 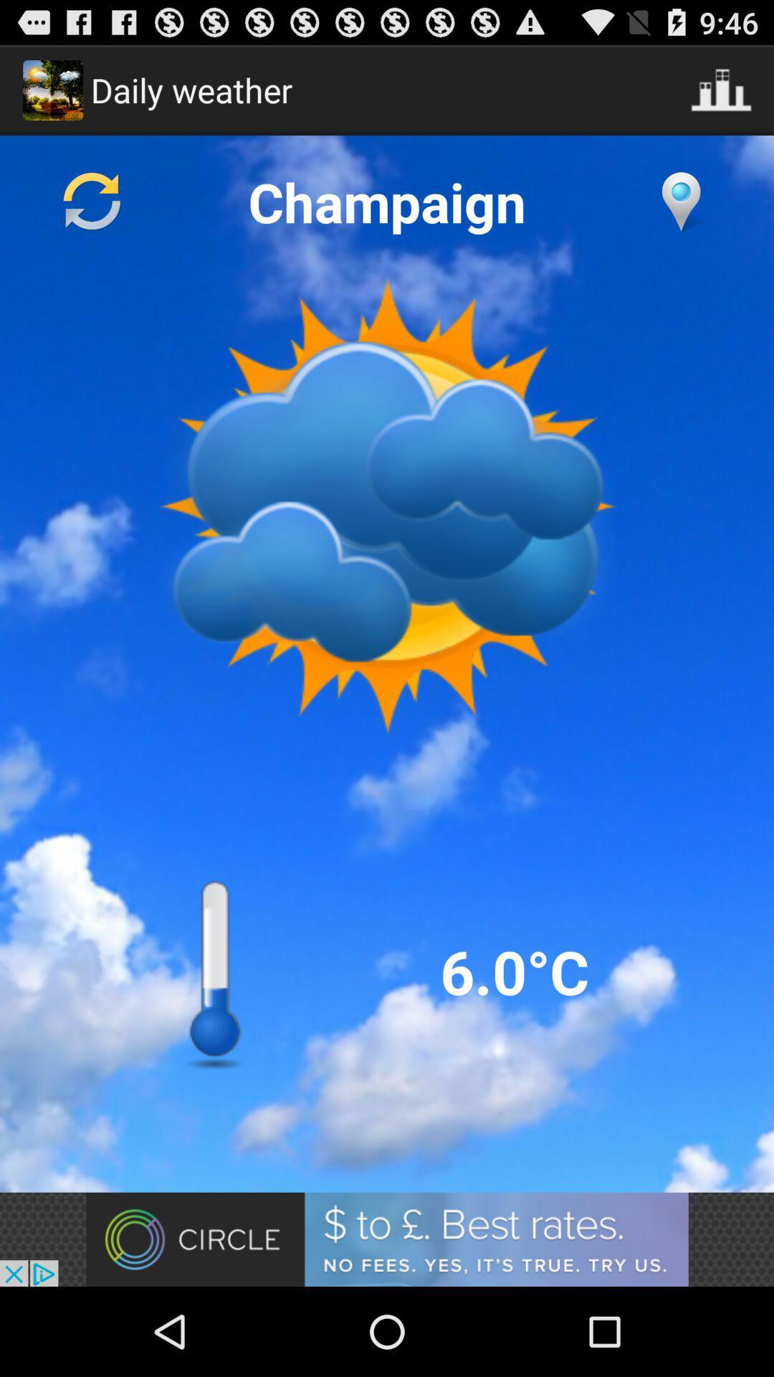 I want to click on reload screen, so click(x=92, y=201).